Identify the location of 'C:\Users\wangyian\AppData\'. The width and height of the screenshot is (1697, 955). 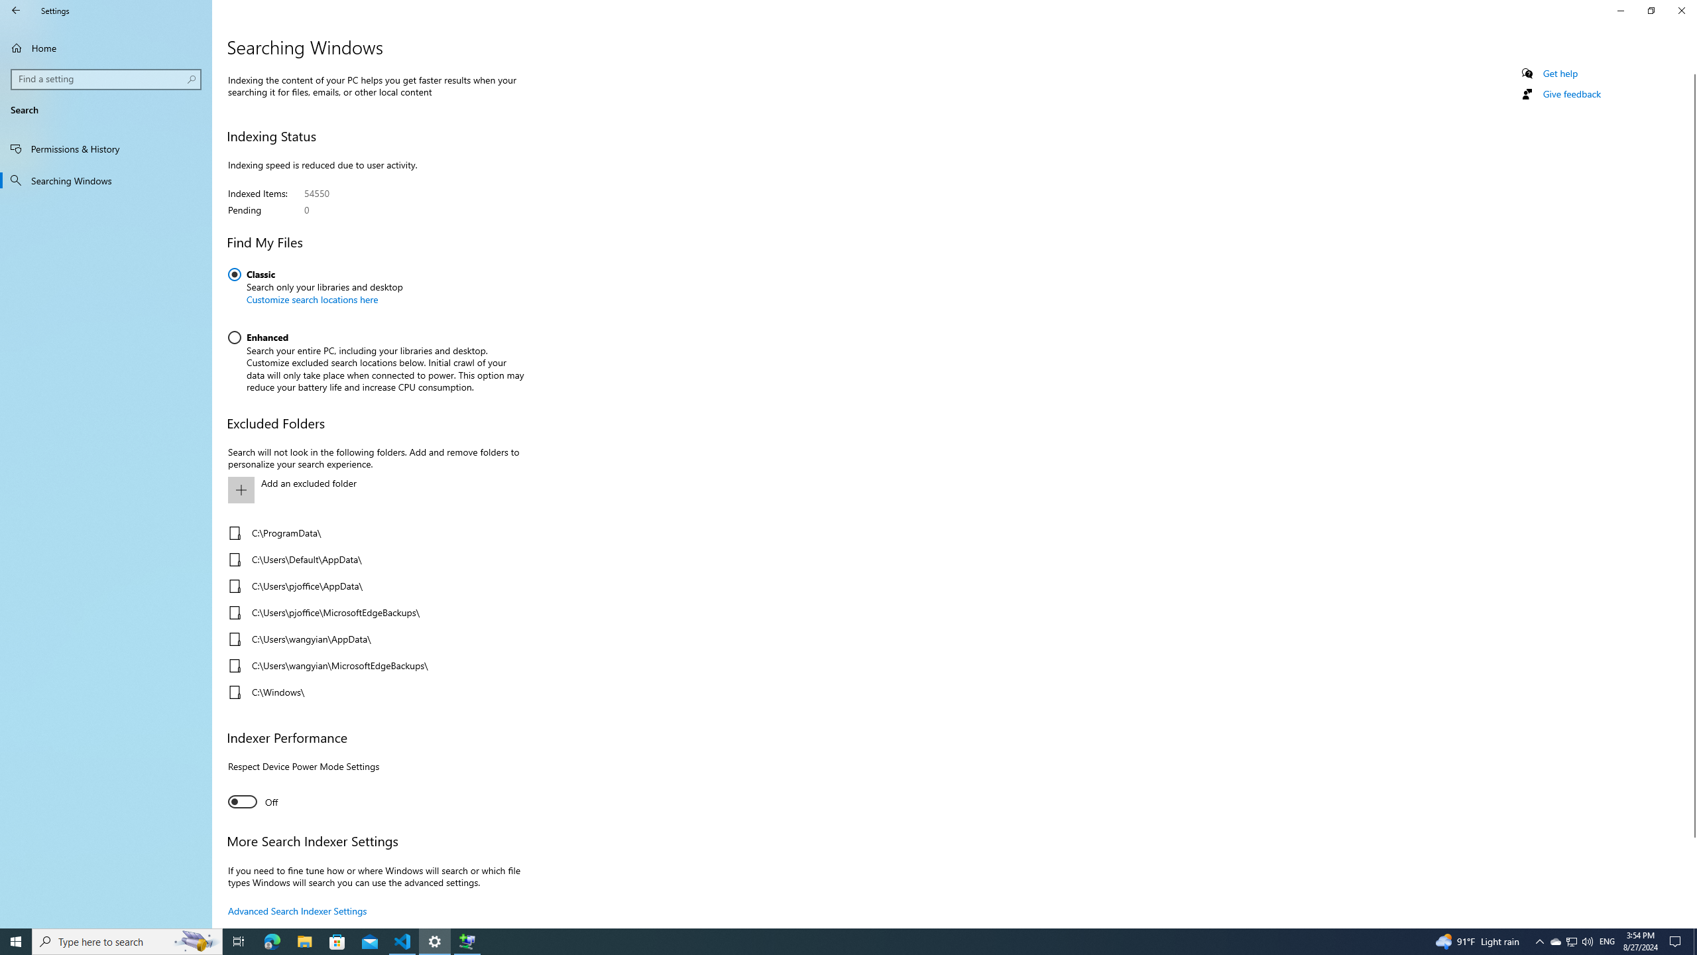
(371, 639).